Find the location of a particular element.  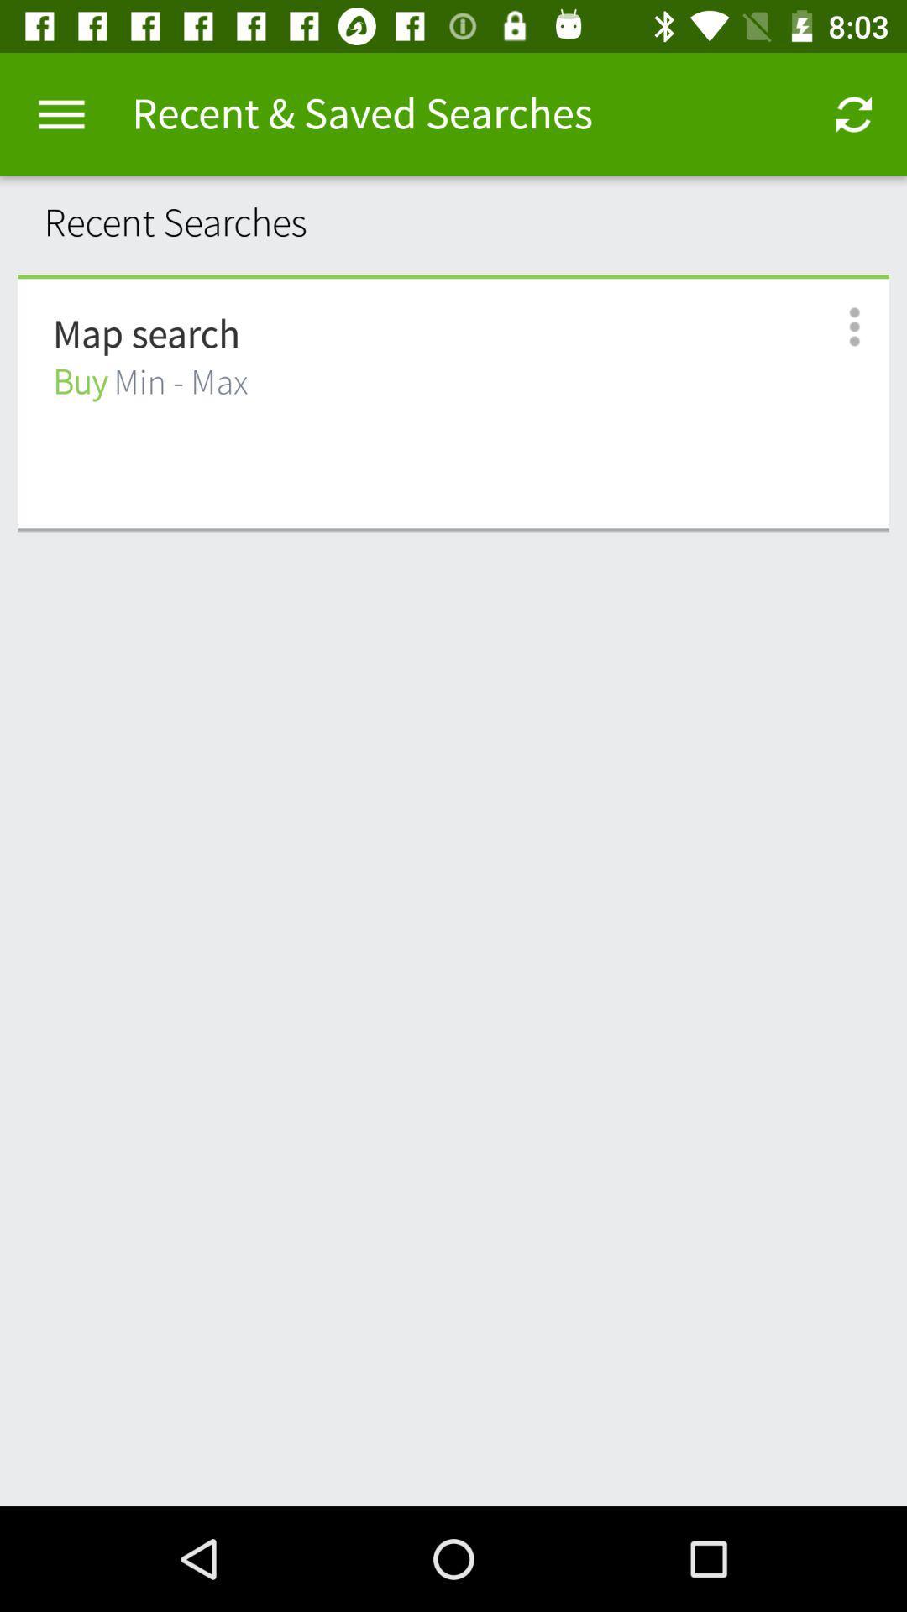

the item above the recent searches item is located at coordinates (60, 113).